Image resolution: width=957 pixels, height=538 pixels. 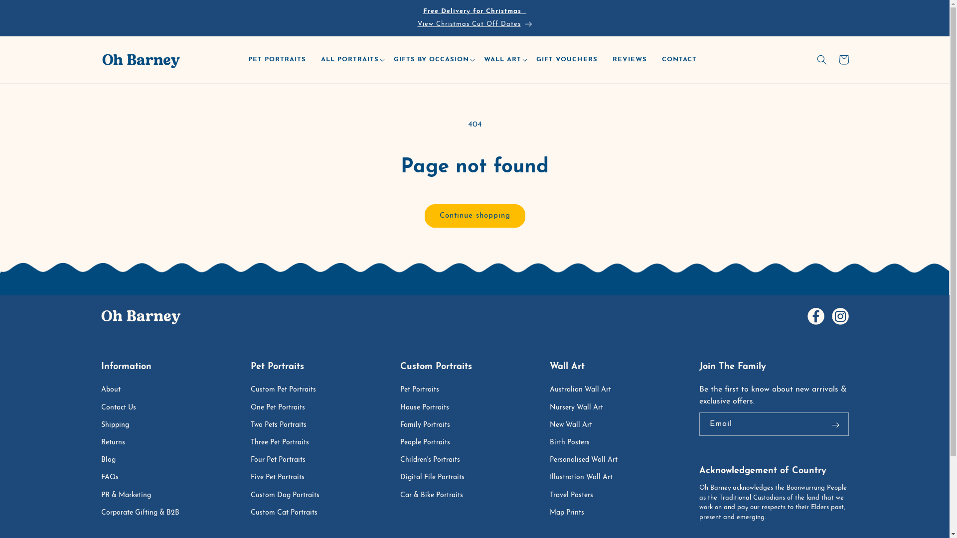 I want to click on 'Custom Dog Portraits', so click(x=250, y=495).